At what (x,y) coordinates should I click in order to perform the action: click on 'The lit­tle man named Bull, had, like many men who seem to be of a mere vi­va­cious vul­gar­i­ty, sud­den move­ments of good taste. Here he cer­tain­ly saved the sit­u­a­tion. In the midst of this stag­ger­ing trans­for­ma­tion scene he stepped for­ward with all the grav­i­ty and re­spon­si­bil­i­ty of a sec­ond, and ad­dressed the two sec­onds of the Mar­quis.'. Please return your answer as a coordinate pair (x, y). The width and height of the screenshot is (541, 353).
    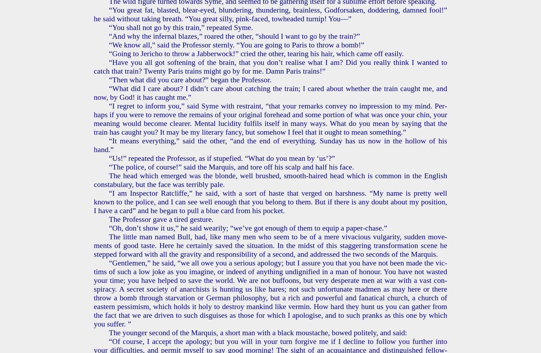
    Looking at the image, I should click on (270, 245).